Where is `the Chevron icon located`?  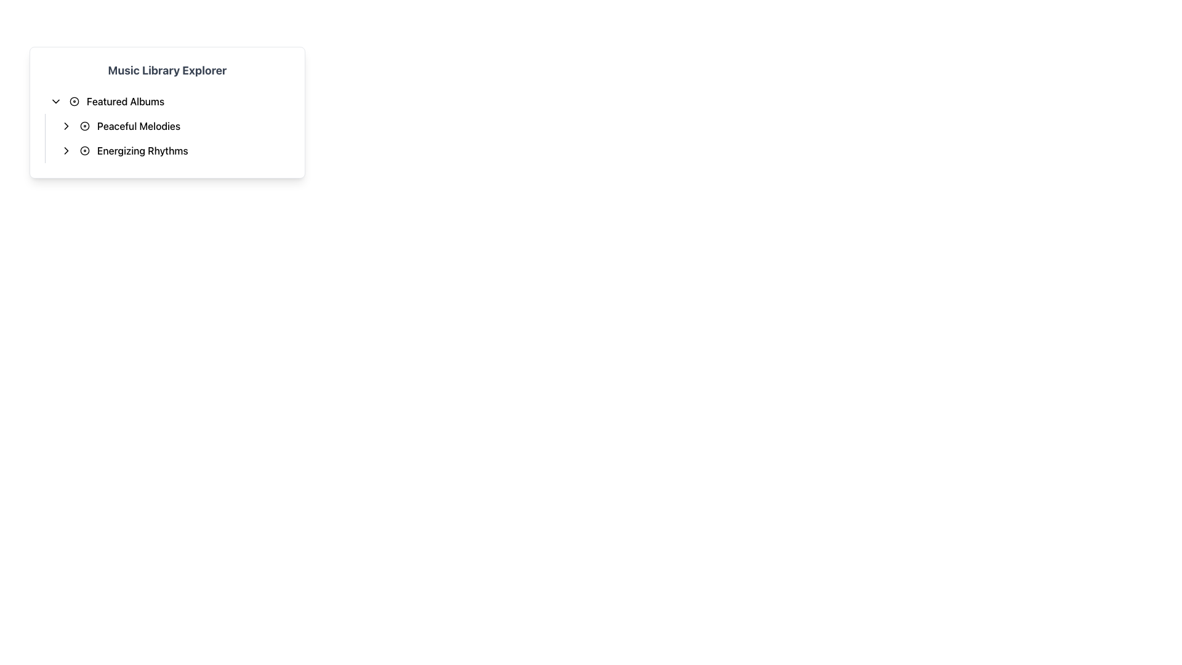 the Chevron icon located is located at coordinates (66, 150).